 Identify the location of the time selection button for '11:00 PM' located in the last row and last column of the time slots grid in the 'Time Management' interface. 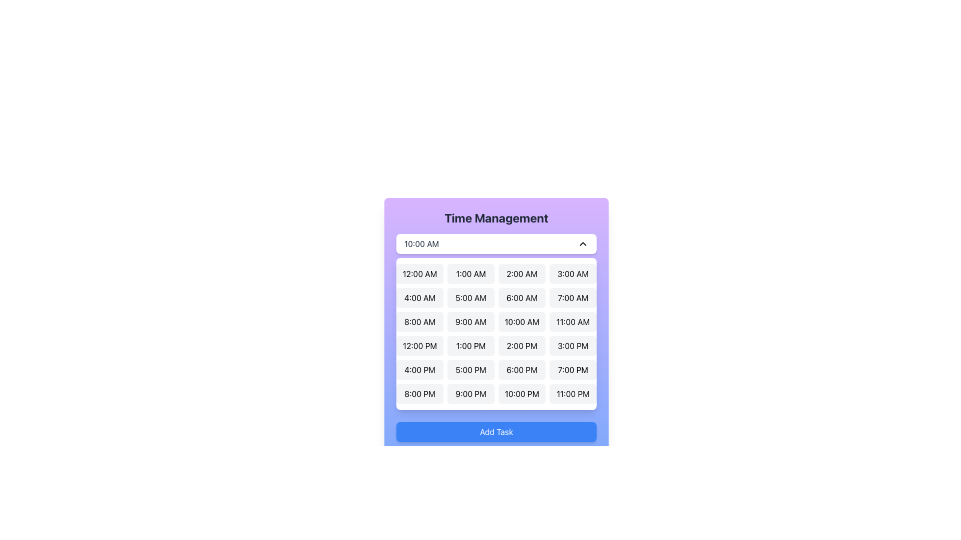
(573, 393).